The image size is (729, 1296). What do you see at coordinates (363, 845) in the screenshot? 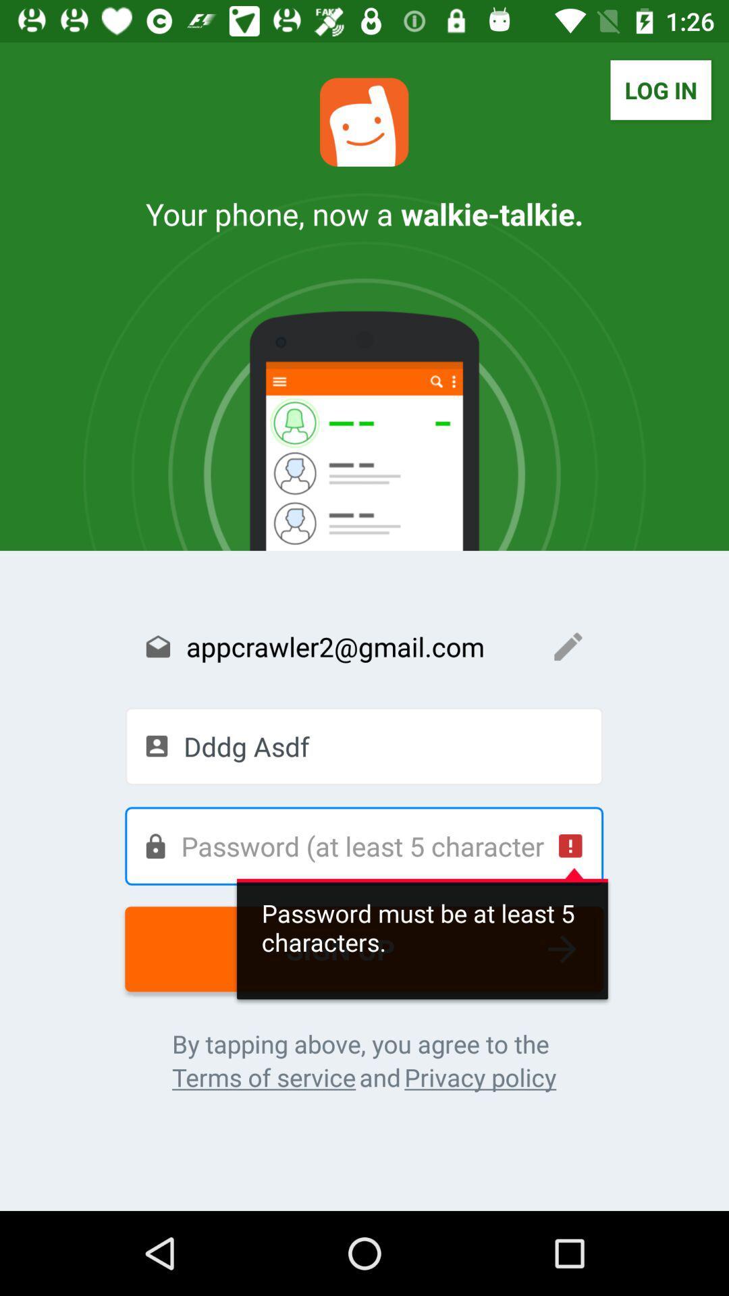
I see `the icon above sign up` at bounding box center [363, 845].